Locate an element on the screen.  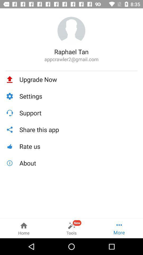
the icon below the settings item is located at coordinates (78, 113).